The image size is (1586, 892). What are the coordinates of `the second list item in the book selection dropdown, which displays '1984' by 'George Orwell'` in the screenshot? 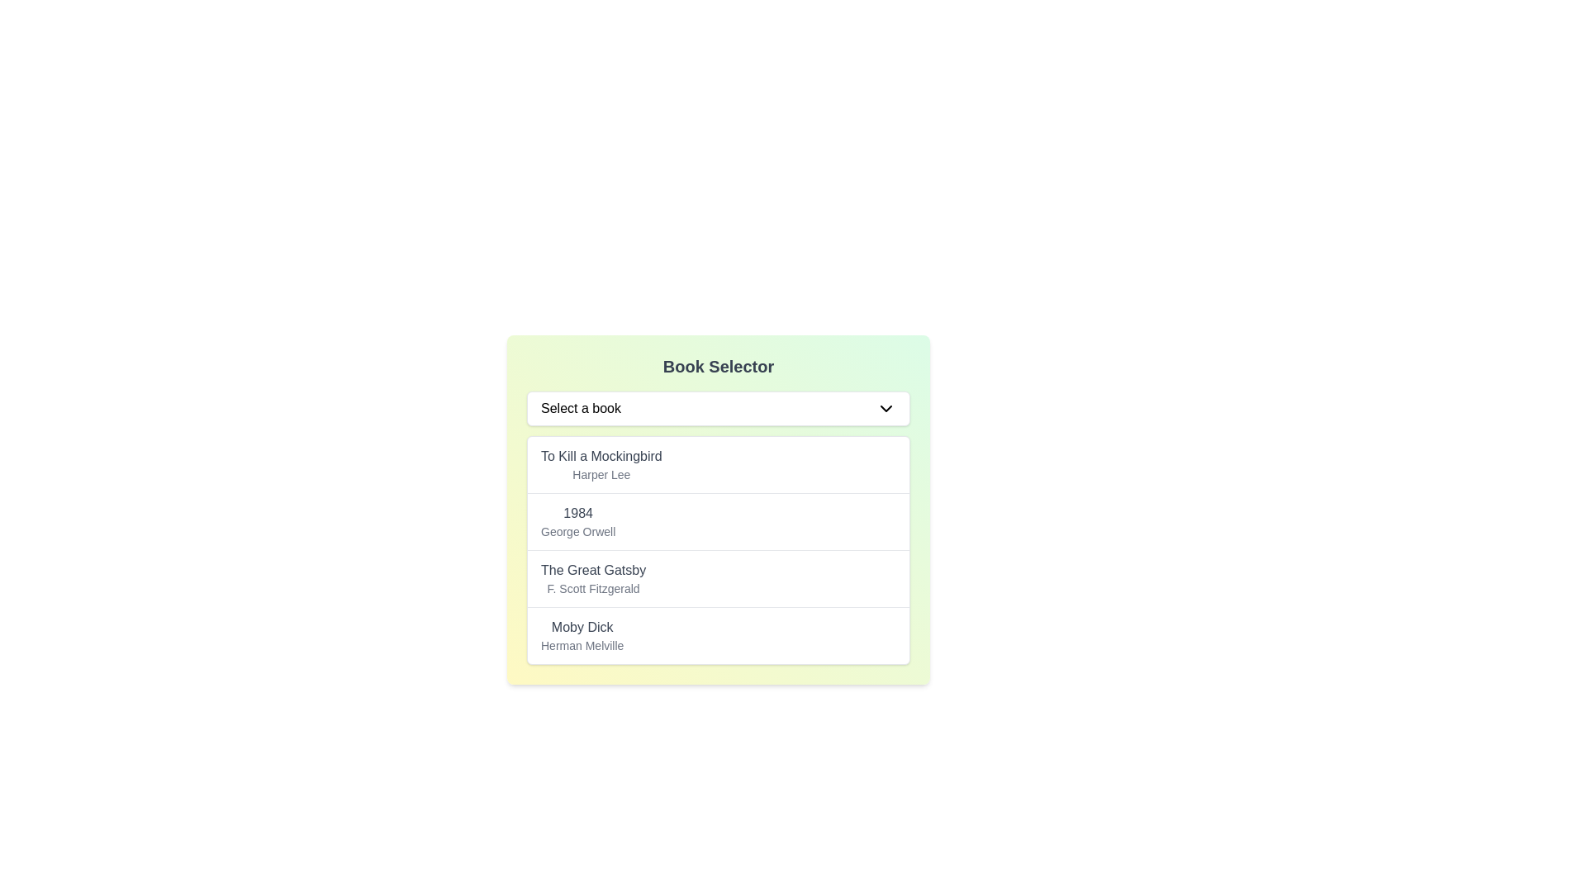 It's located at (718, 509).